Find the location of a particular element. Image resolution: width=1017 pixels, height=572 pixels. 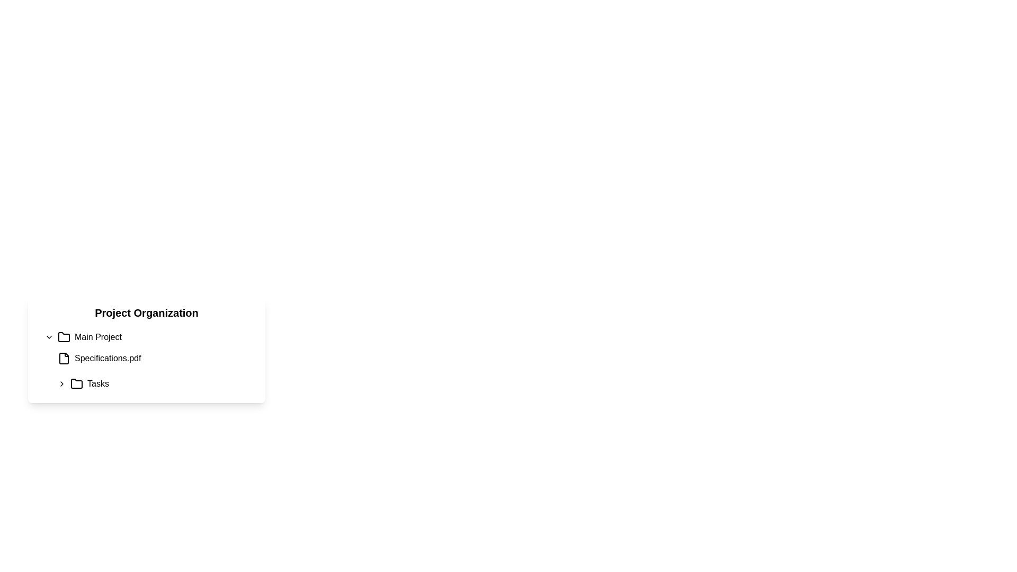

the 'Tasks' text label, which is bold, black, and represents a folder in the 'Project Organization' section is located at coordinates (98, 384).